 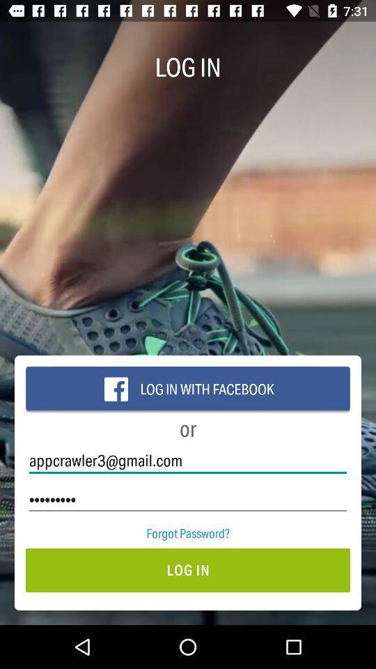 I want to click on the crowd3116, so click(x=188, y=499).